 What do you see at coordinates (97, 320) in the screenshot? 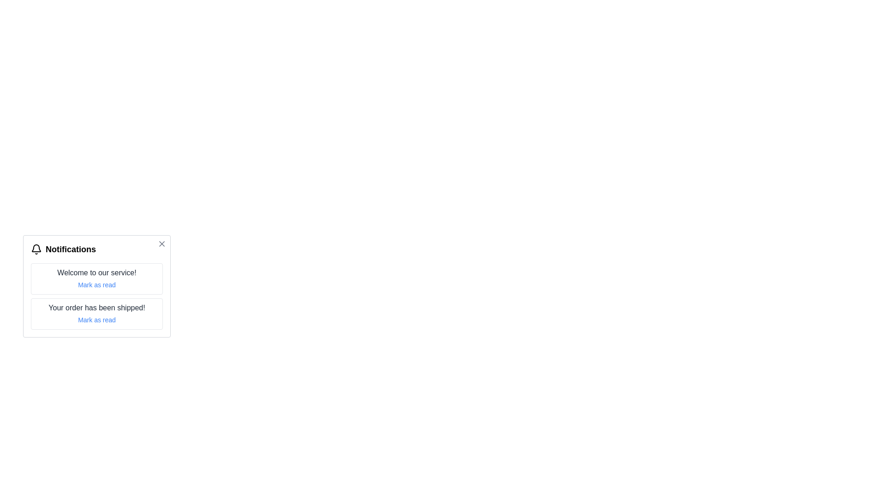
I see `the 'Mark as read' interactive link, which is styled with a smaller font size and blue color, located below the notification message 'Your order has been shipped!'` at bounding box center [97, 320].